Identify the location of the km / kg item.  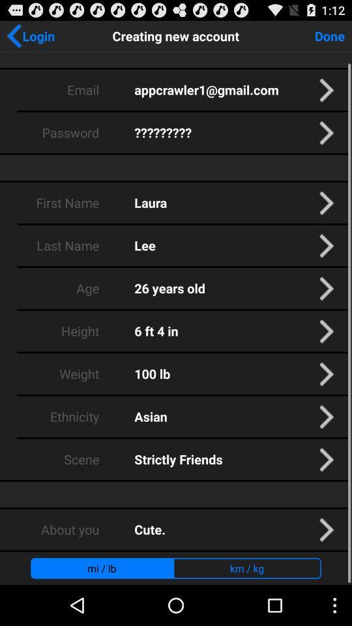
(247, 567).